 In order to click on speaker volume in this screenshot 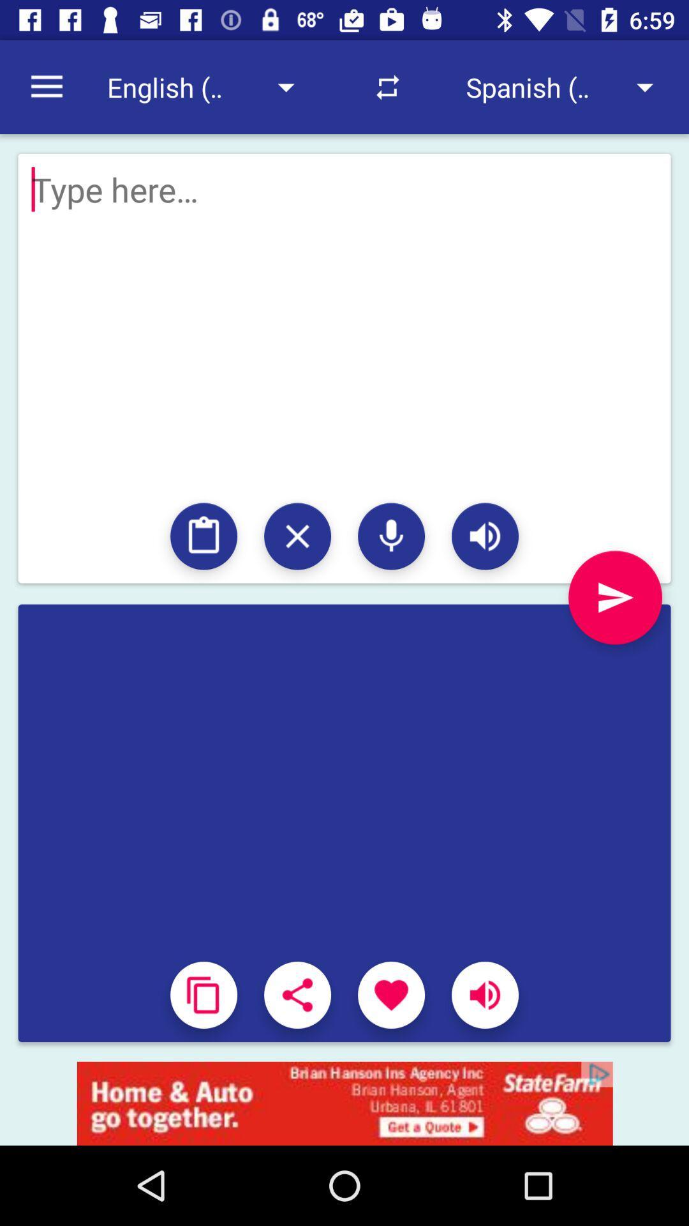, I will do `click(485, 536)`.